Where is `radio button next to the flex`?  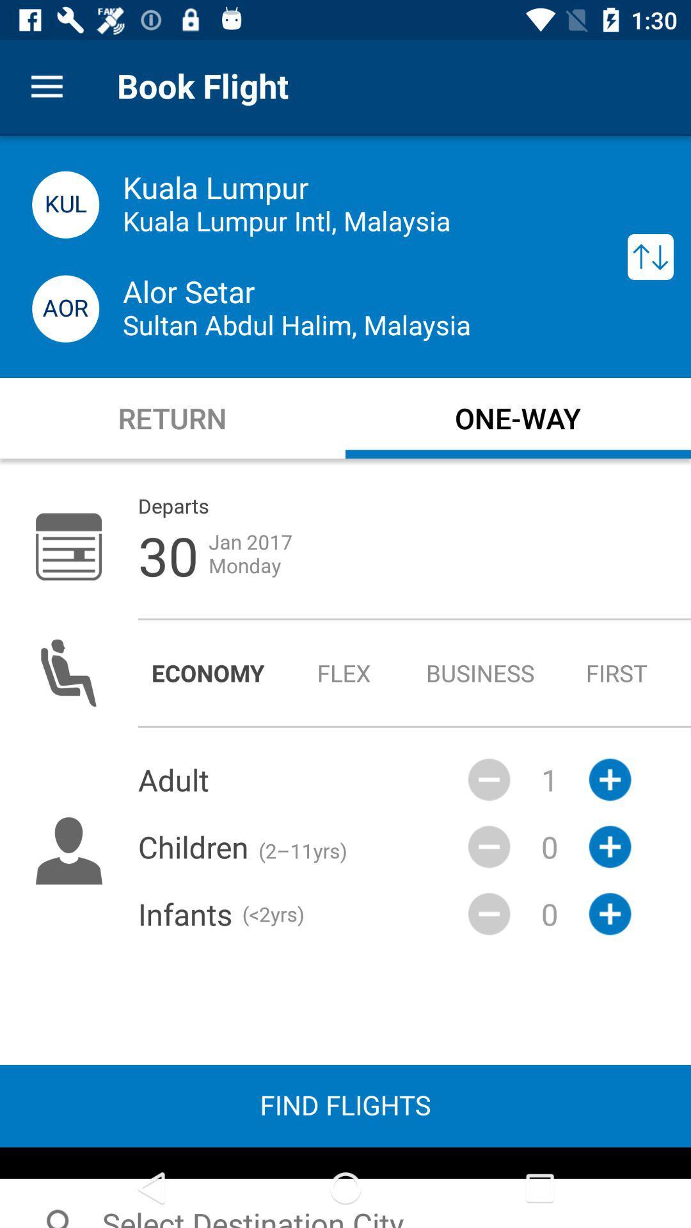
radio button next to the flex is located at coordinates (207, 672).